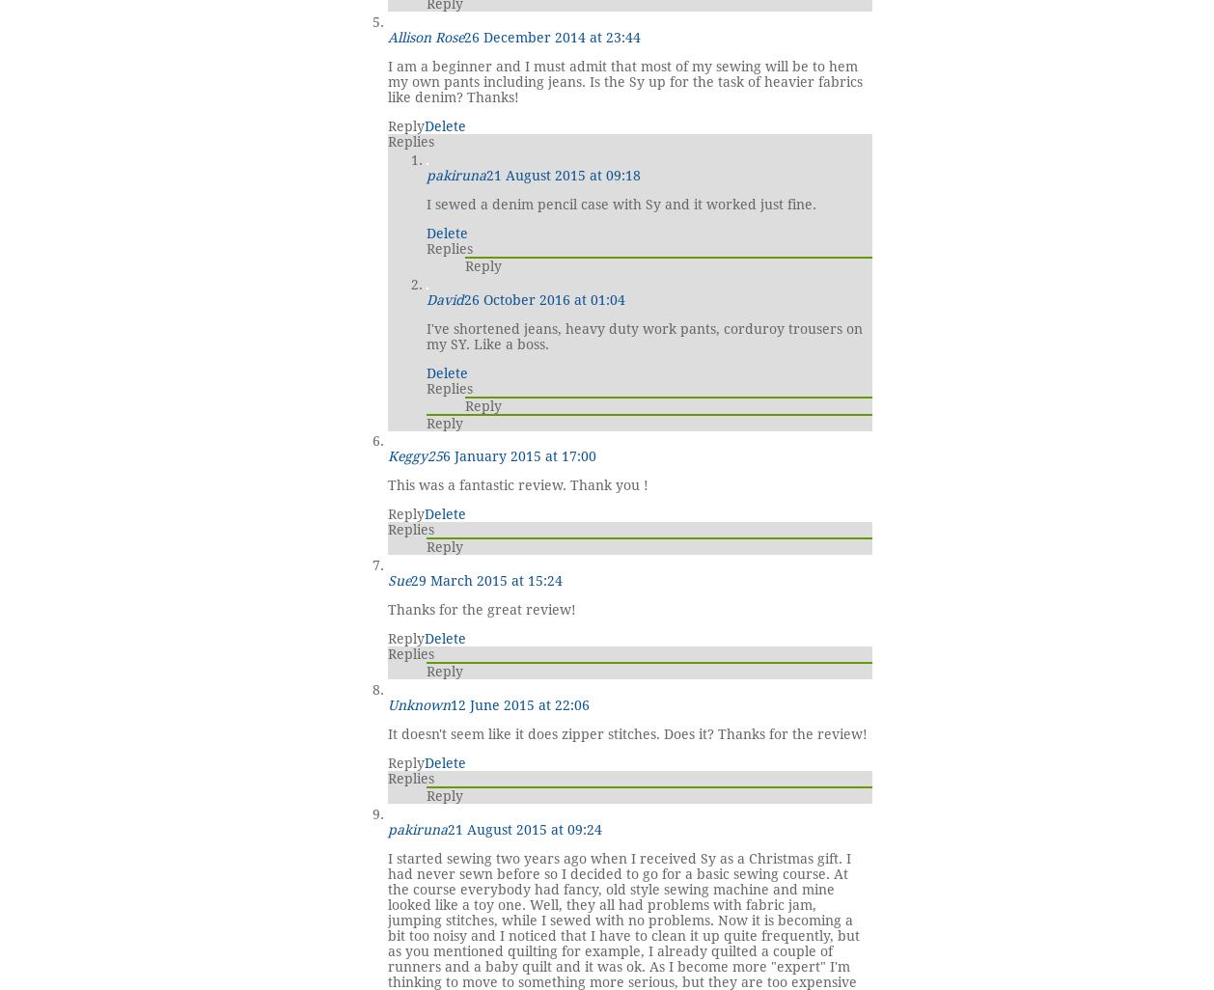 This screenshot has width=1214, height=990. What do you see at coordinates (463, 298) in the screenshot?
I see `'26 October 2016 at 01:04'` at bounding box center [463, 298].